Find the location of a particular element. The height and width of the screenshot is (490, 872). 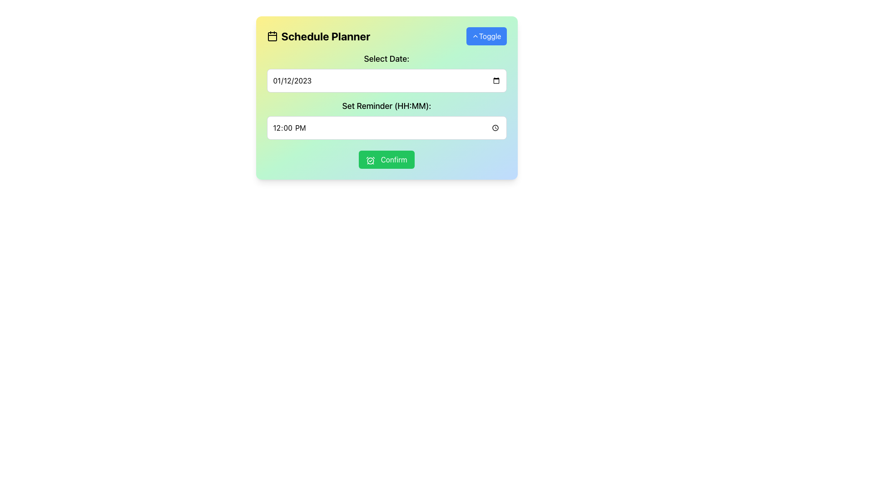

the green 'Confirm' button, which includes an icon to the left of the text, located centrally at the bottom of the card interface is located at coordinates (371, 160).